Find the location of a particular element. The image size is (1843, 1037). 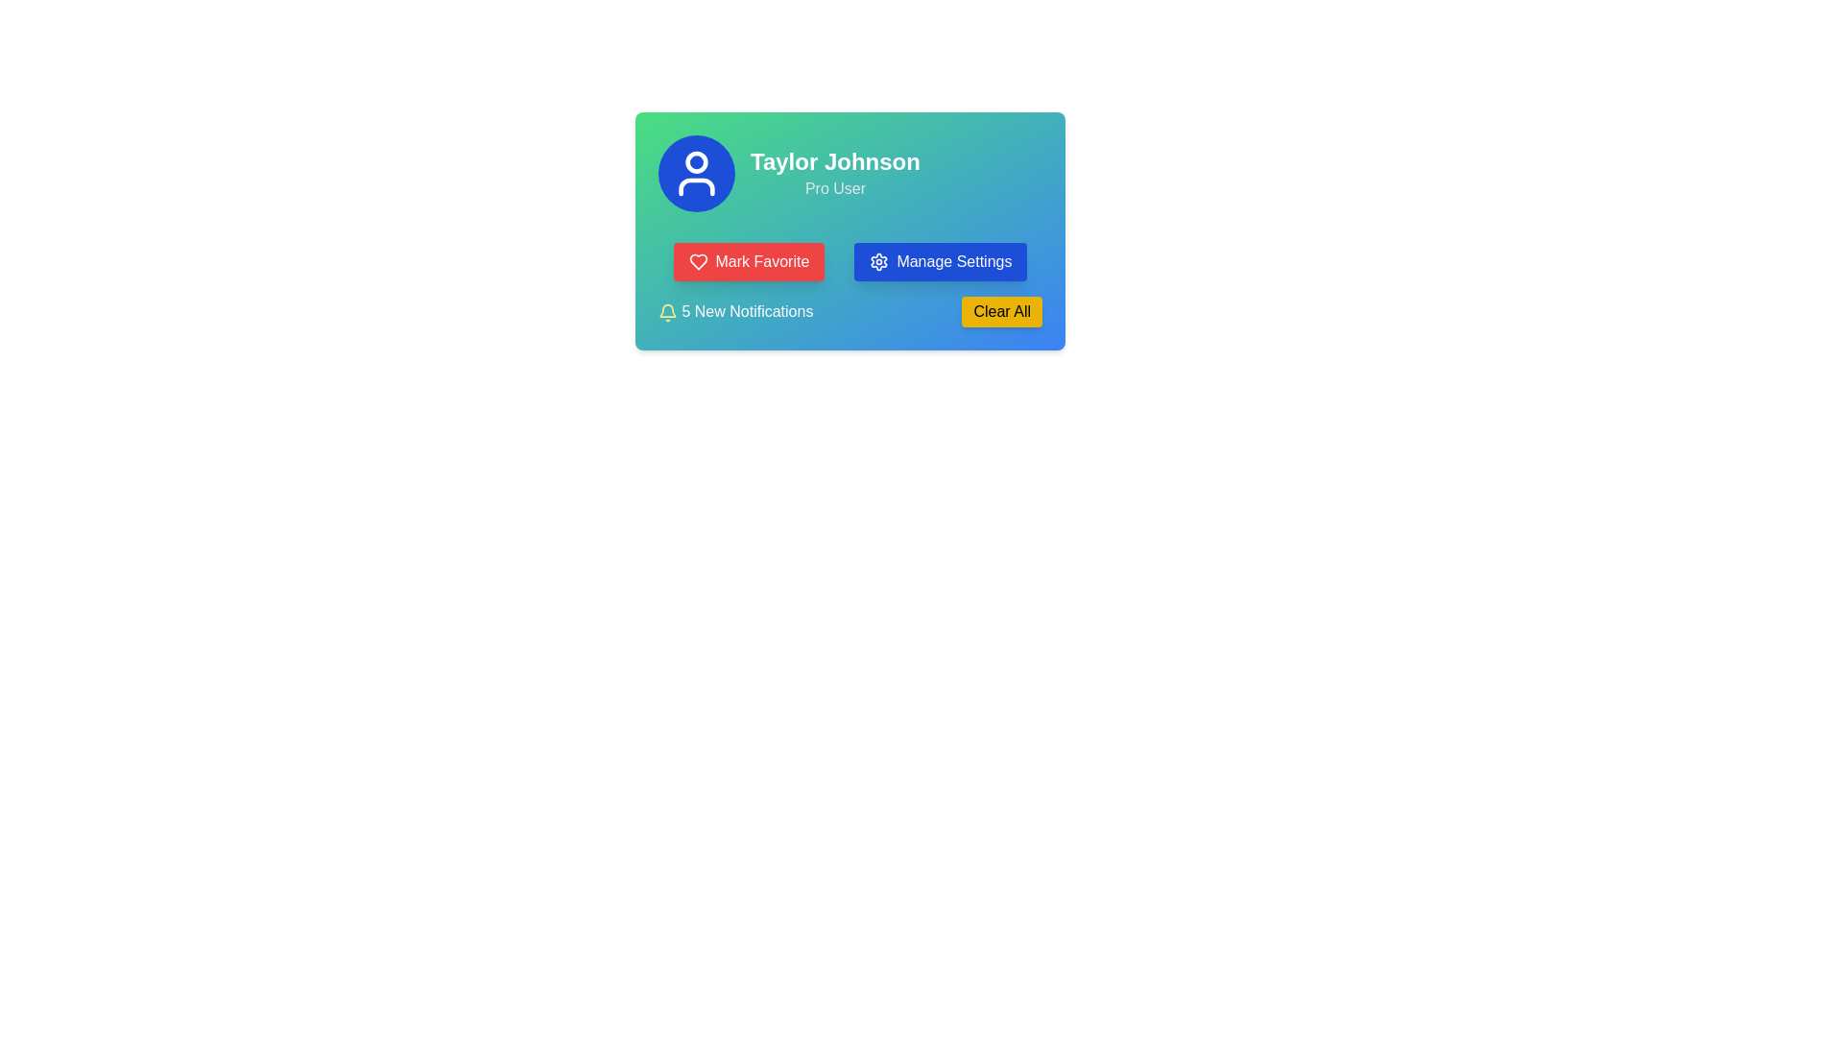

the favorite button, which is the first button in a row of options is located at coordinates (748, 262).